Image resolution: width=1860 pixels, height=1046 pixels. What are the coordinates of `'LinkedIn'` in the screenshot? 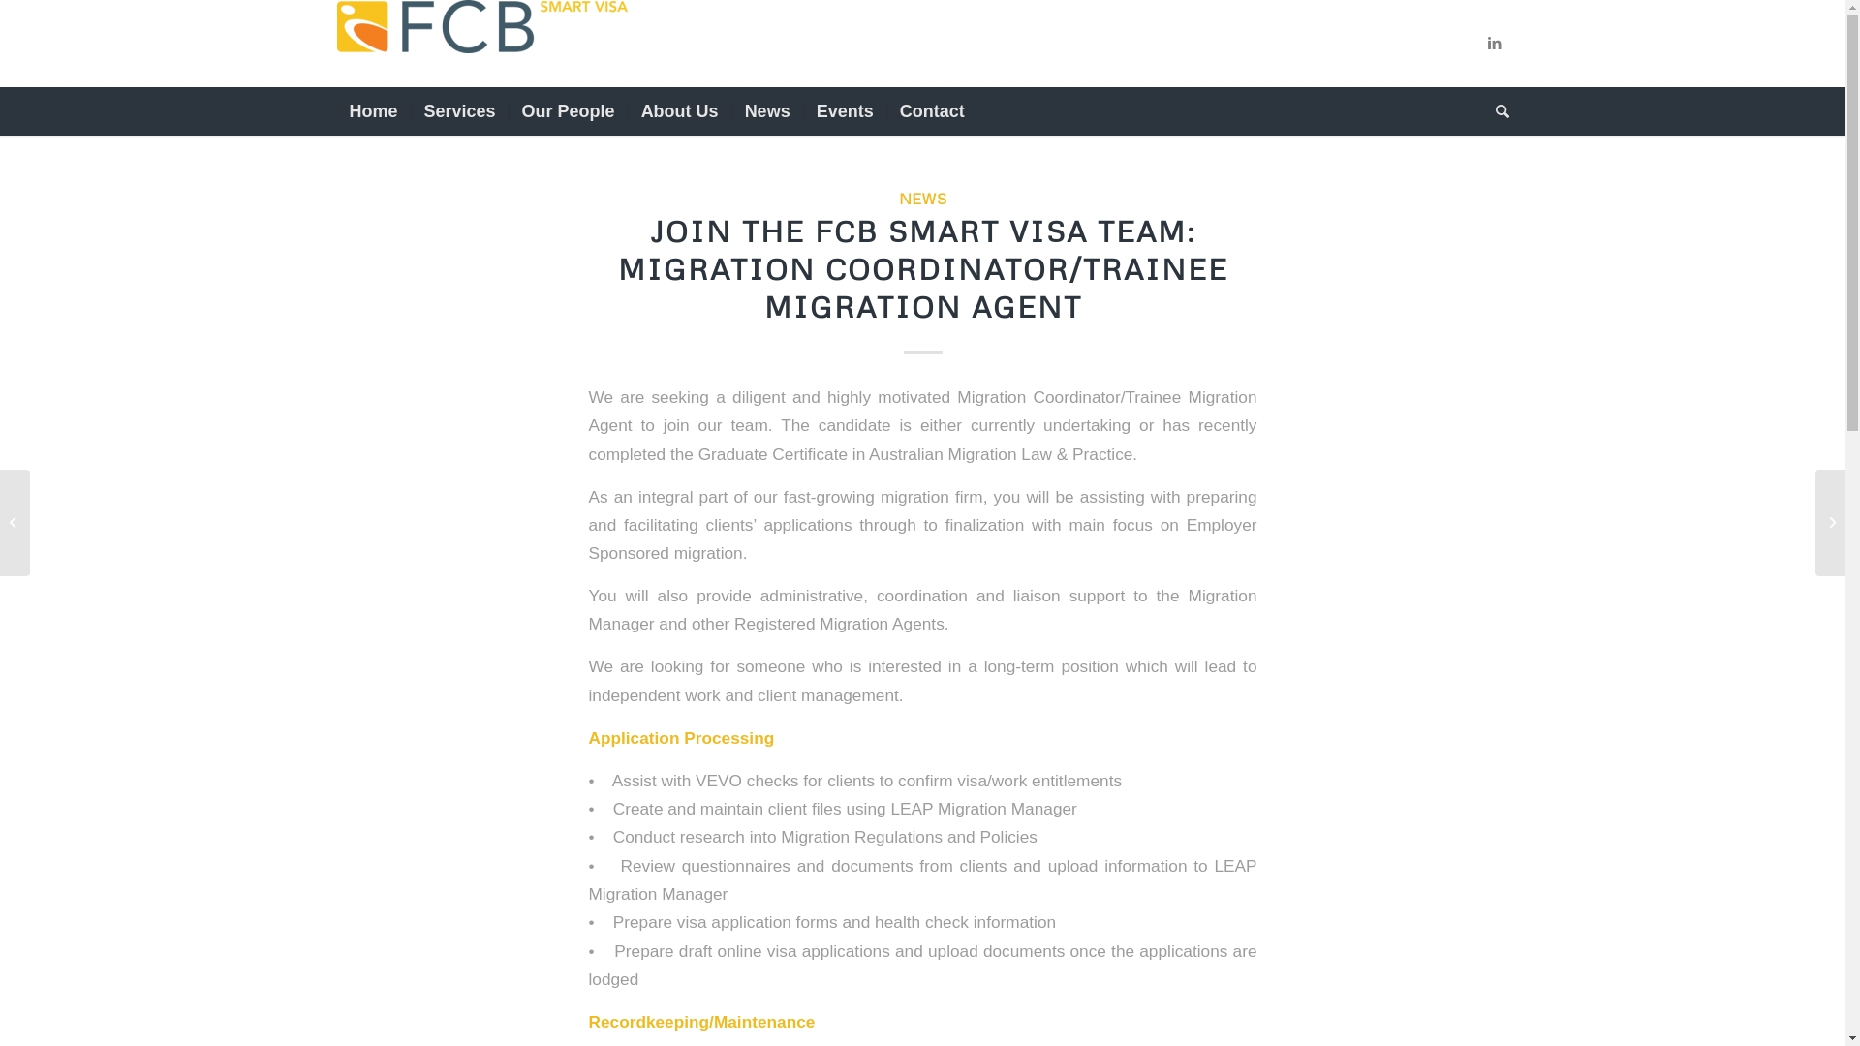 It's located at (1493, 44).